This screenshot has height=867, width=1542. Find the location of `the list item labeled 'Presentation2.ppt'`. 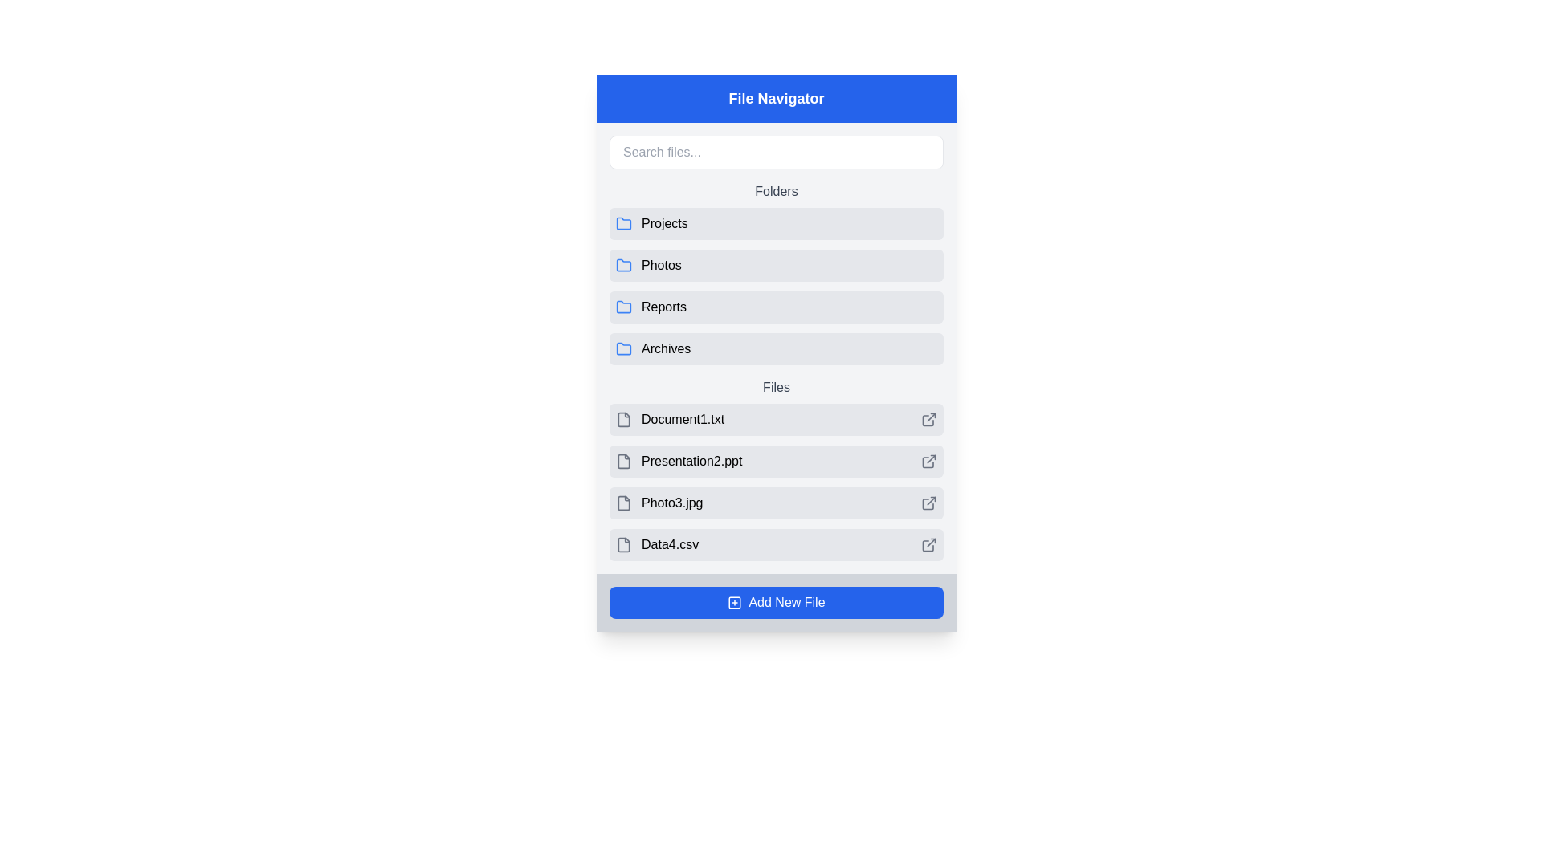

the list item labeled 'Presentation2.ppt' is located at coordinates (776, 470).